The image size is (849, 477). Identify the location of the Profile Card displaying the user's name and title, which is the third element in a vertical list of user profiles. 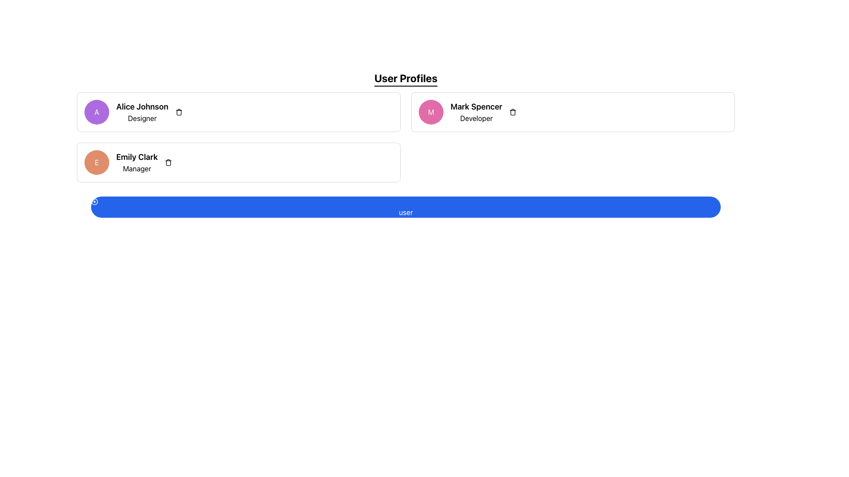
(238, 162).